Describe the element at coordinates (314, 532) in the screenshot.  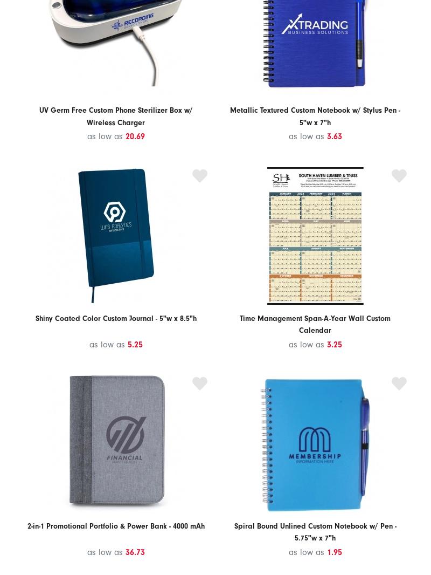
I see `'Spiral Bound Unlined Custom Notebook w/ Pen - 5.75"w x 7"h'` at that location.